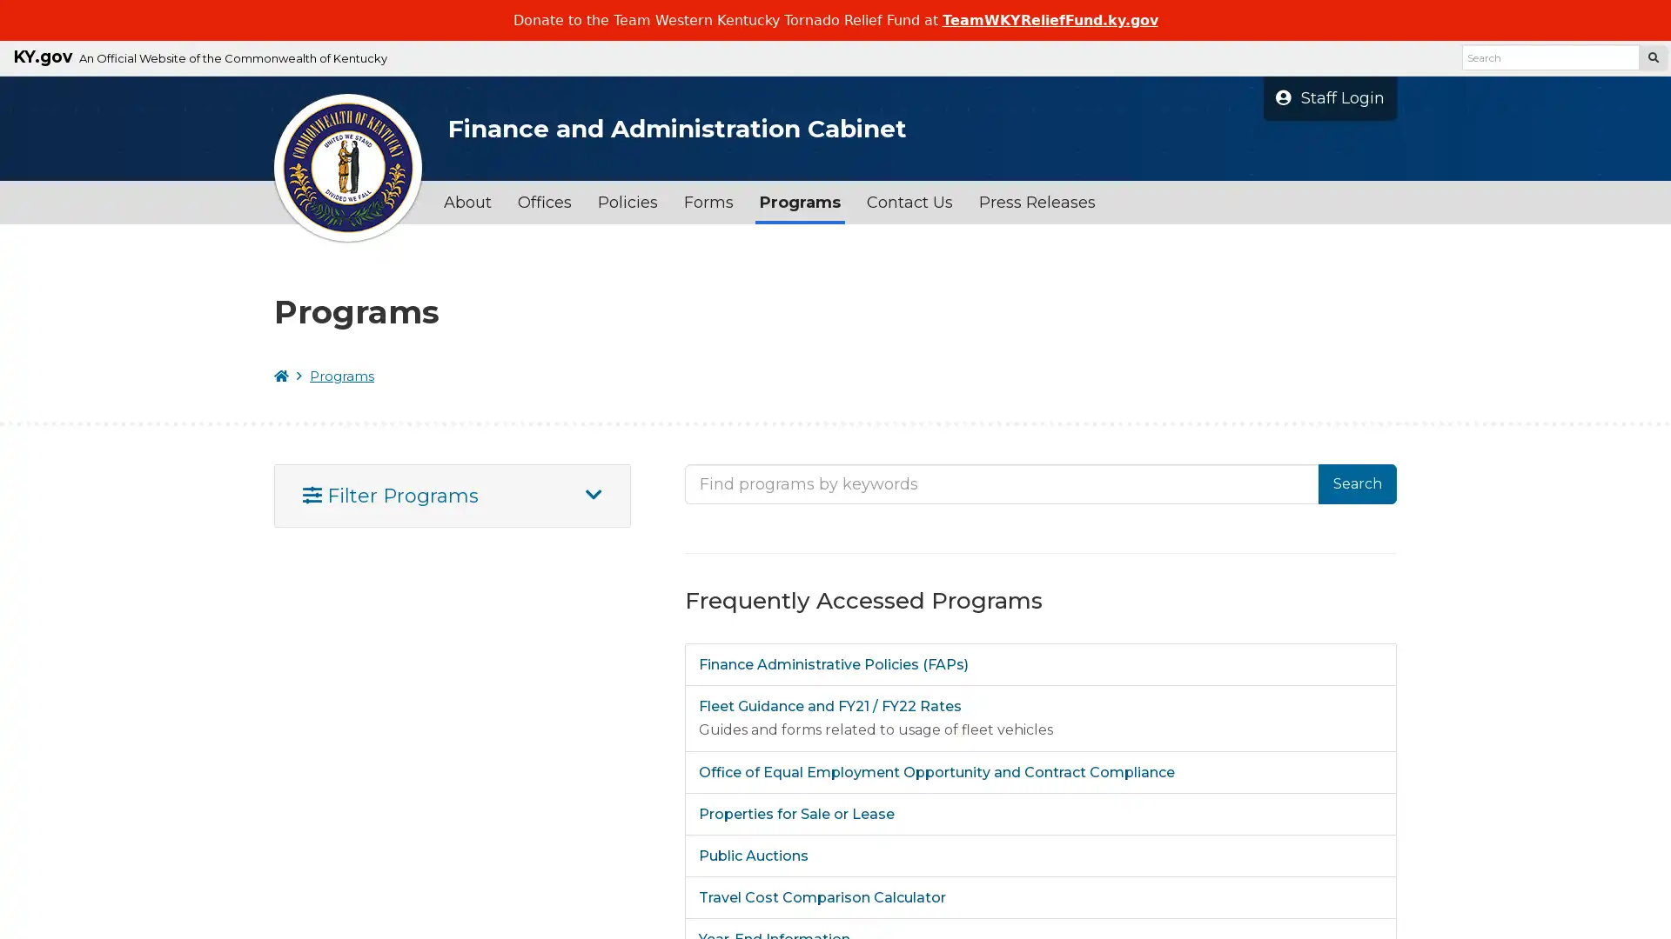 This screenshot has height=939, width=1671. I want to click on Search, so click(1357, 483).